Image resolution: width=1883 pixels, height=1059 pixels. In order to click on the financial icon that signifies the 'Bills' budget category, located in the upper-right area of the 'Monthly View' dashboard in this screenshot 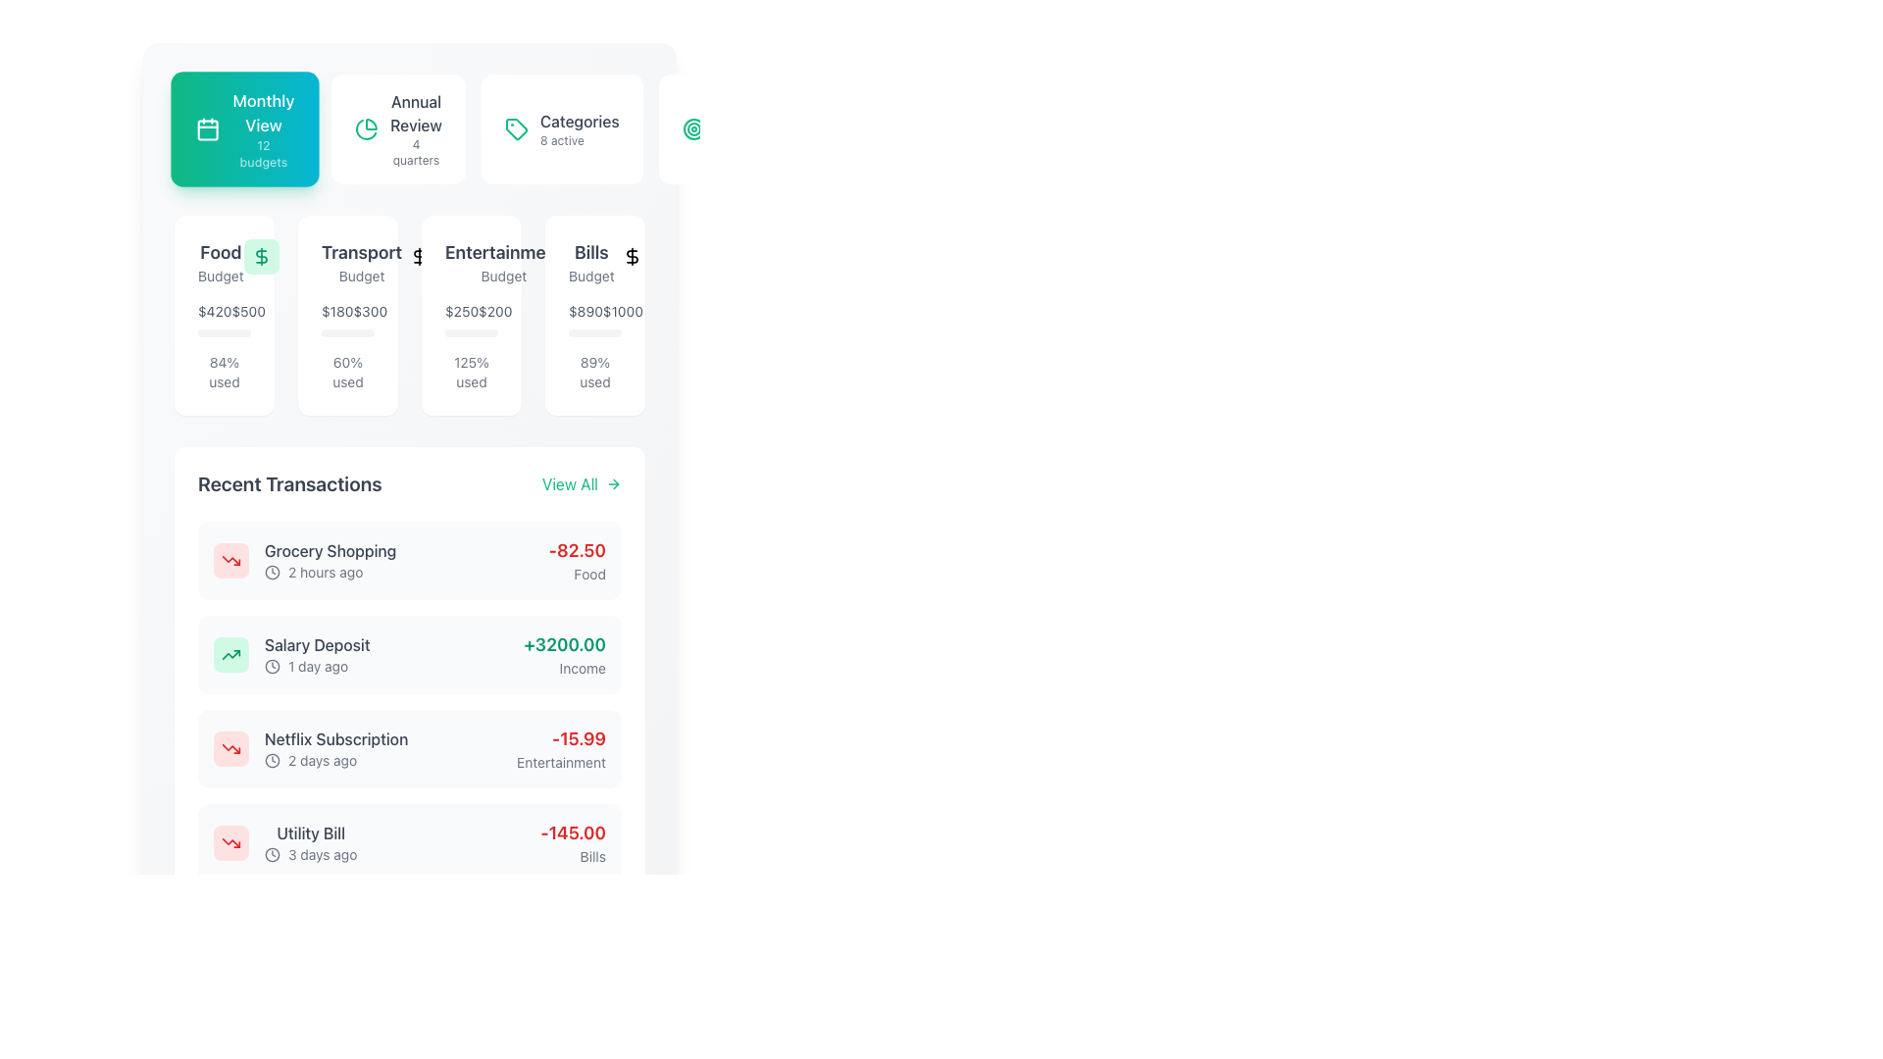, I will do `click(579, 256)`.